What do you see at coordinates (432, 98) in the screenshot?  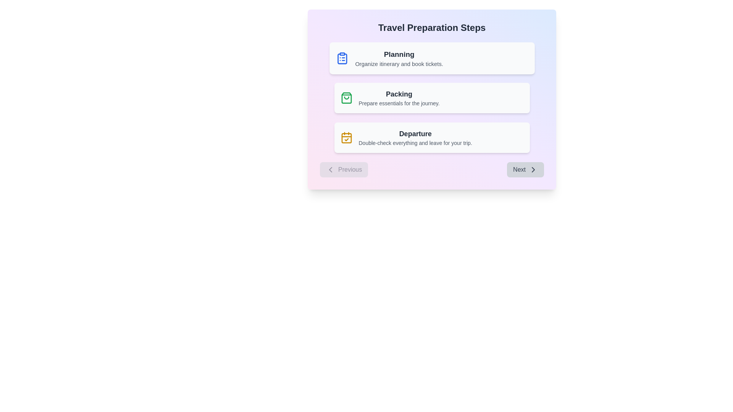 I see `the List of items with descriptions, which provides an overview of a travel preparation guide and is centrally located beneath the 'Travel Preparation Steps' header` at bounding box center [432, 98].